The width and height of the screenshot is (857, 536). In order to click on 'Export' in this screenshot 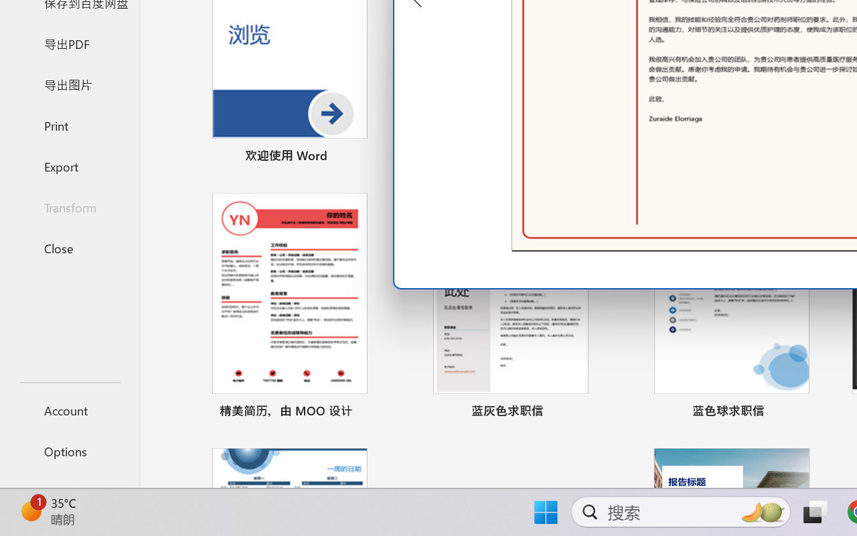, I will do `click(69, 165)`.